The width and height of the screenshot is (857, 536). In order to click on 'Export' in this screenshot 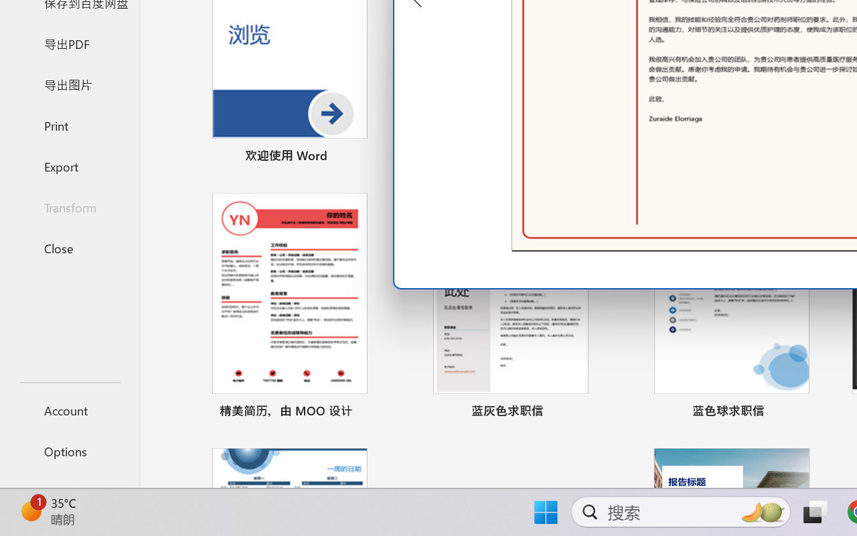, I will do `click(69, 165)`.